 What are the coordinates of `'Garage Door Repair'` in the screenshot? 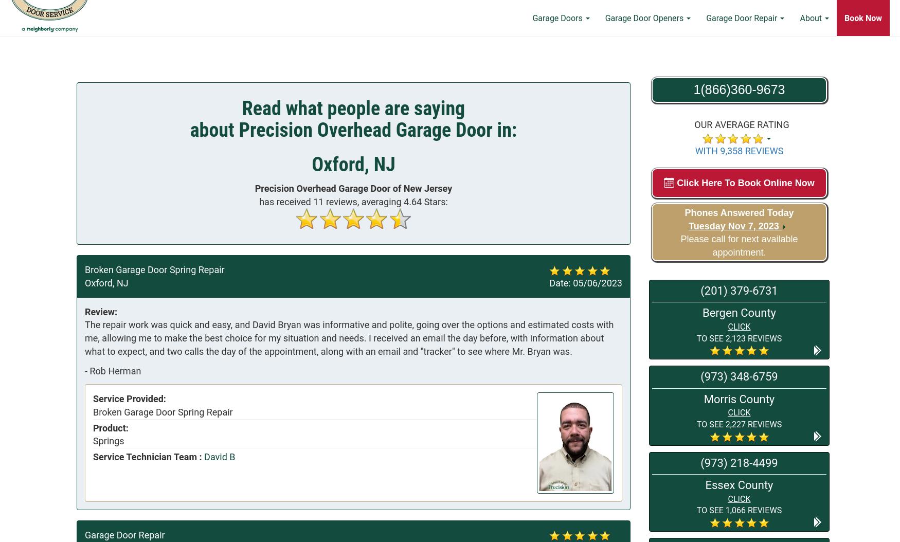 It's located at (742, 53).